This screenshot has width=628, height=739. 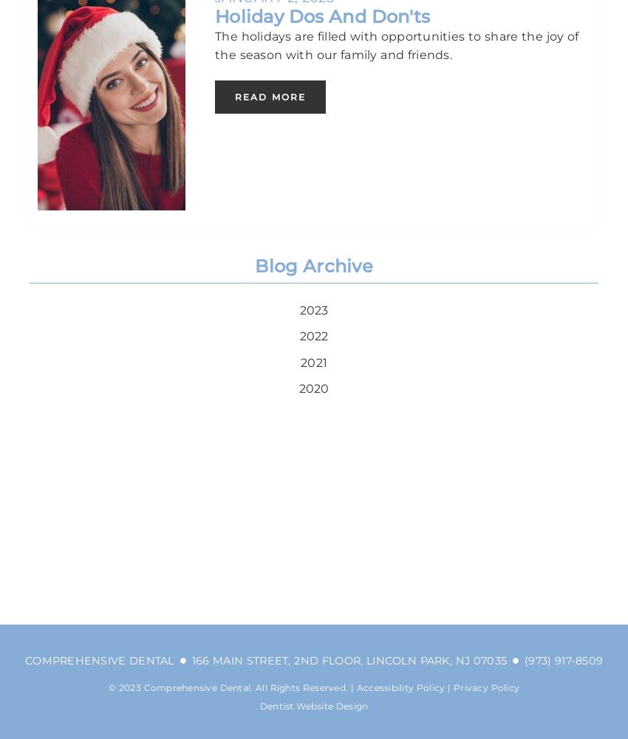 I want to click on 'Dentist Website Design', so click(x=313, y=704).